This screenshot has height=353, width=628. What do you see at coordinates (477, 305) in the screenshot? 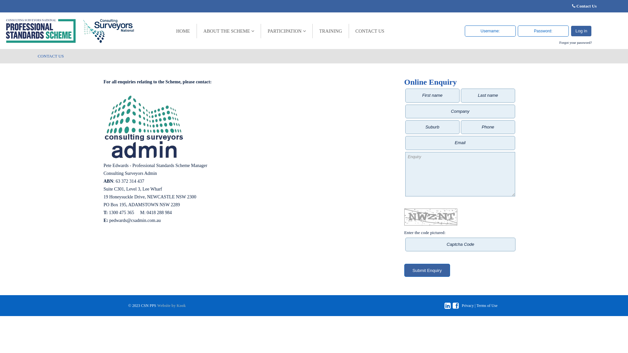
I see `'Terms of Use'` at bounding box center [477, 305].